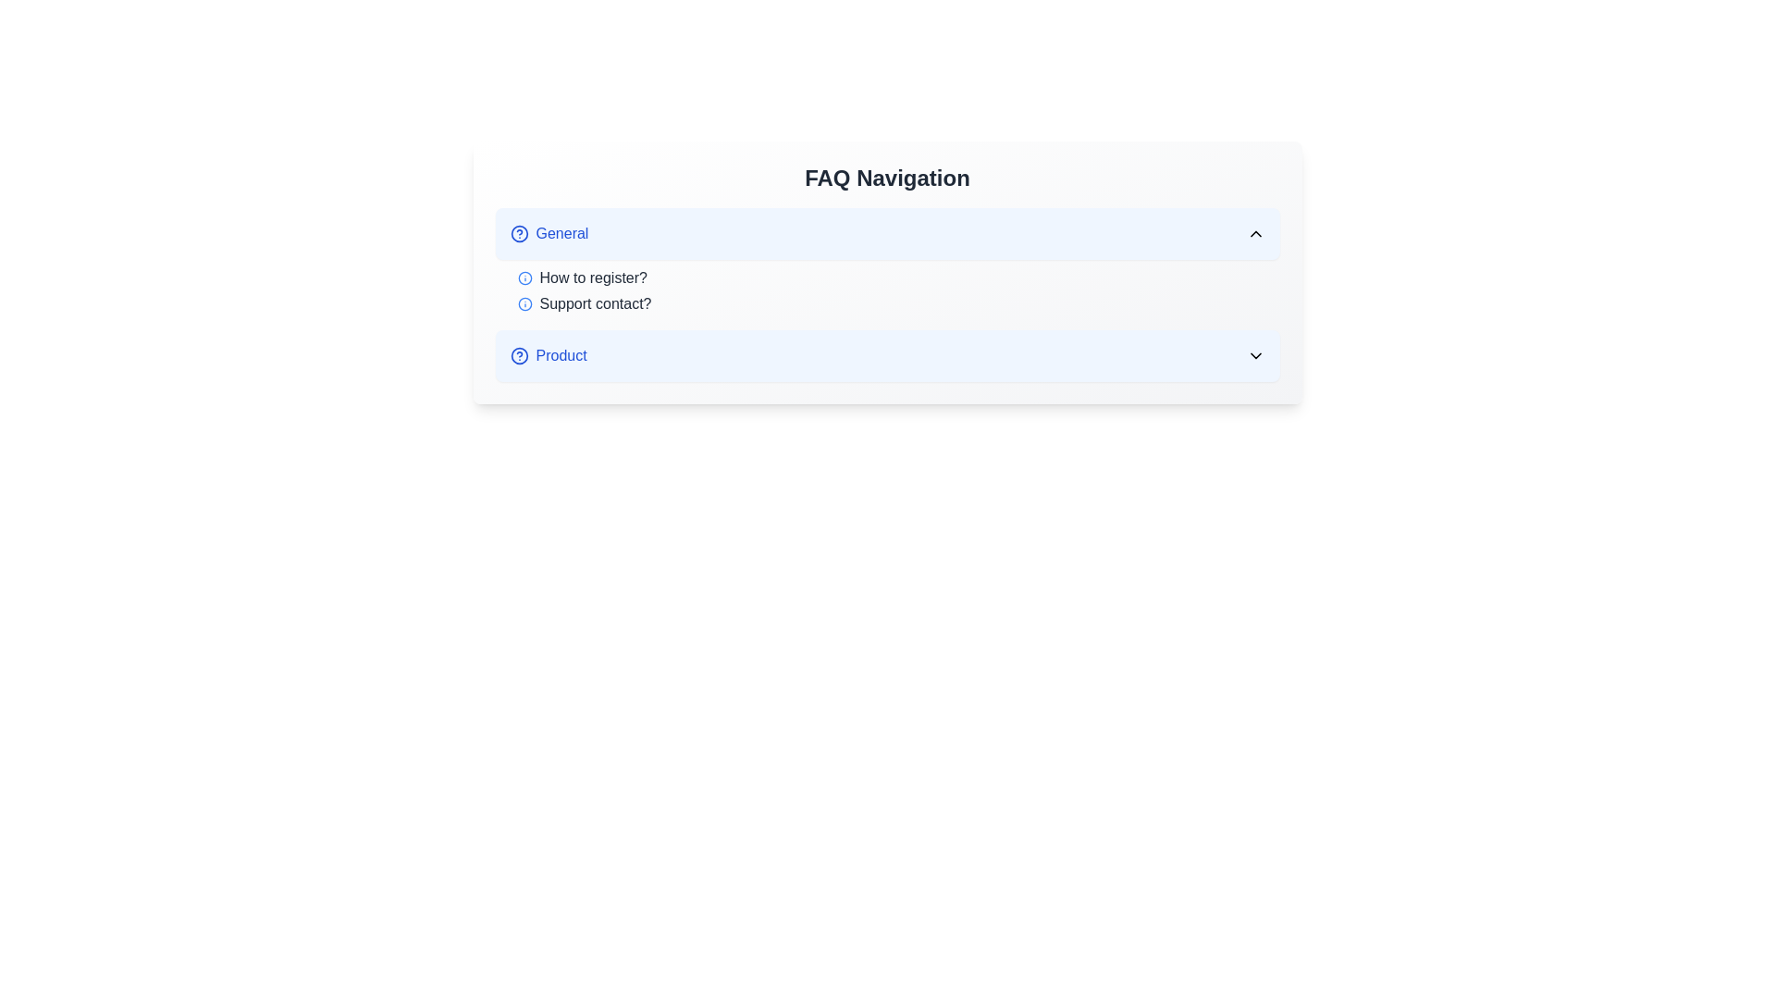 The width and height of the screenshot is (1776, 999). What do you see at coordinates (524, 277) in the screenshot?
I see `the icon located immediately to the left of the 'How to register?' text in the FAQ navigation menu under the 'General' section to provide additional context` at bounding box center [524, 277].